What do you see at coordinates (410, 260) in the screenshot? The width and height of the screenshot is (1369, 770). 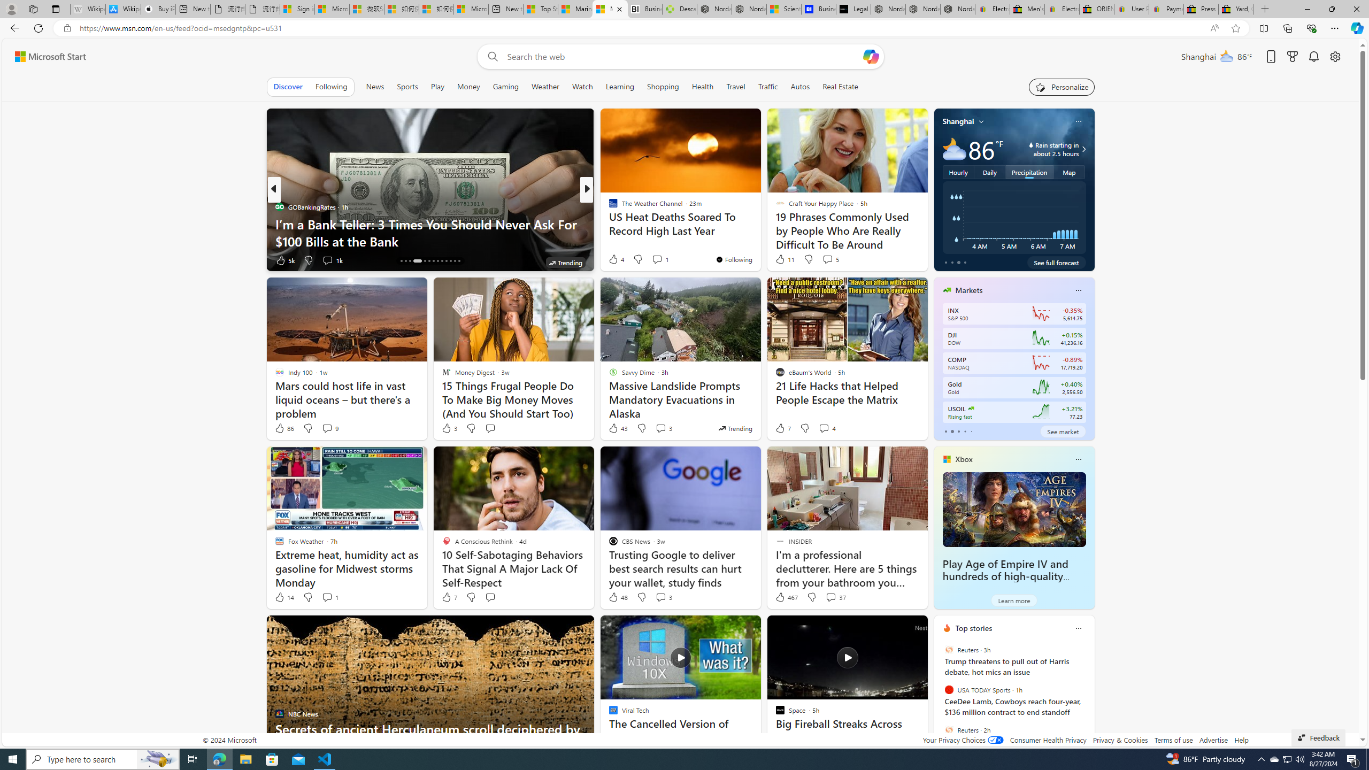 I see `'AutomationID: tab-16'` at bounding box center [410, 260].